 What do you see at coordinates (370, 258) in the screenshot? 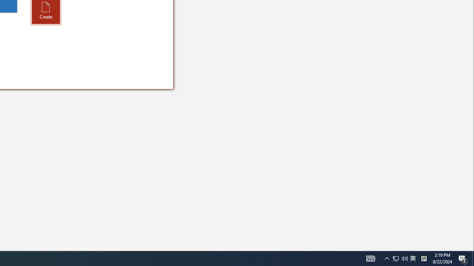
I see `'Notification Chevron'` at bounding box center [370, 258].